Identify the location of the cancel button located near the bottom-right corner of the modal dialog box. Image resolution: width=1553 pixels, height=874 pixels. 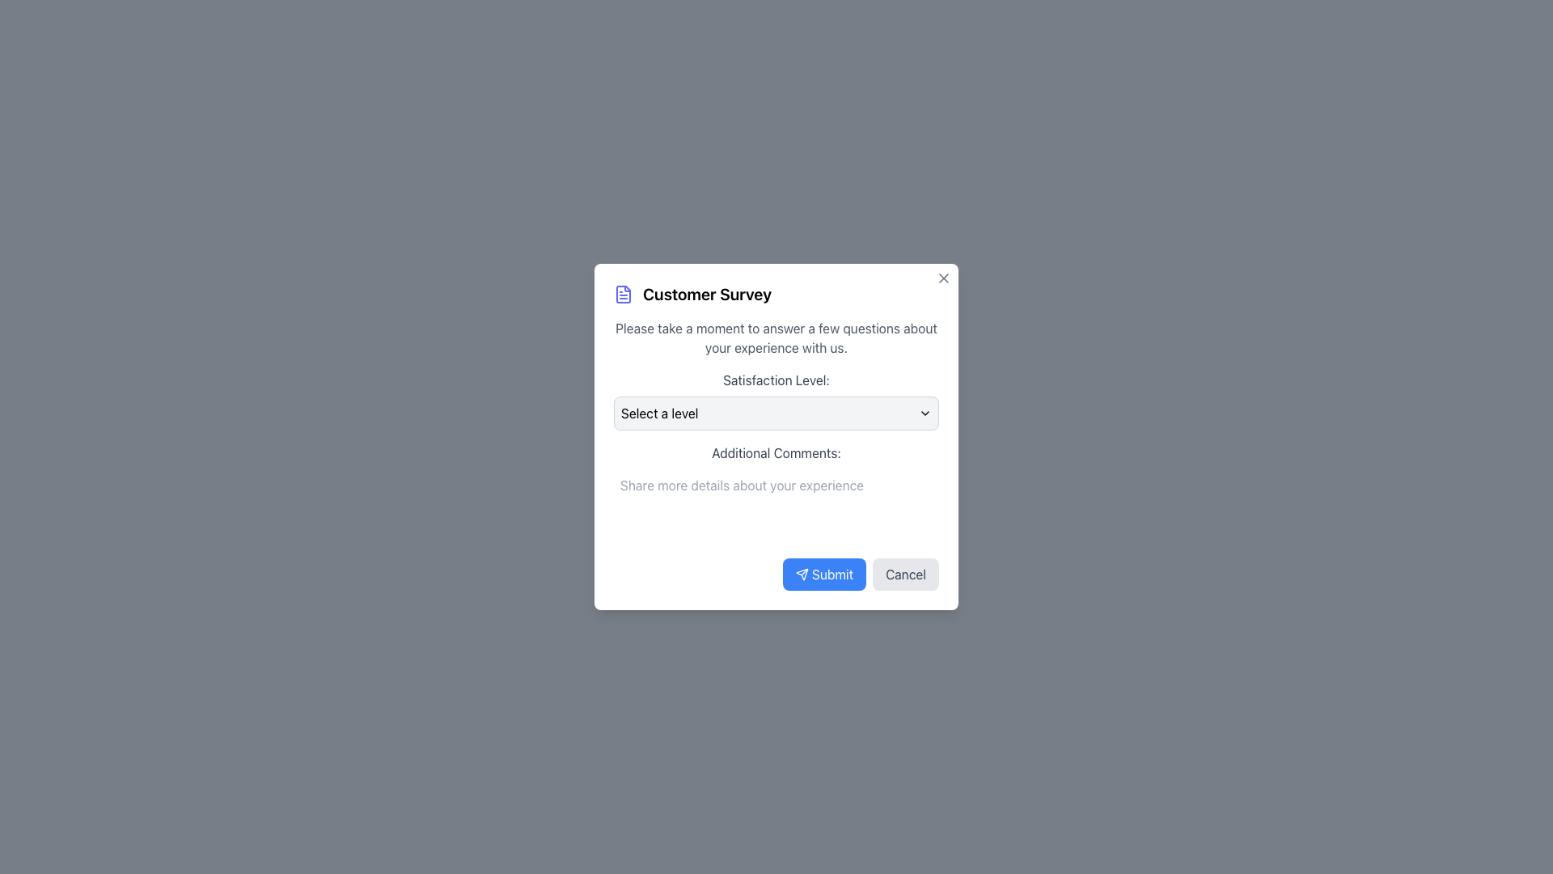
(906, 573).